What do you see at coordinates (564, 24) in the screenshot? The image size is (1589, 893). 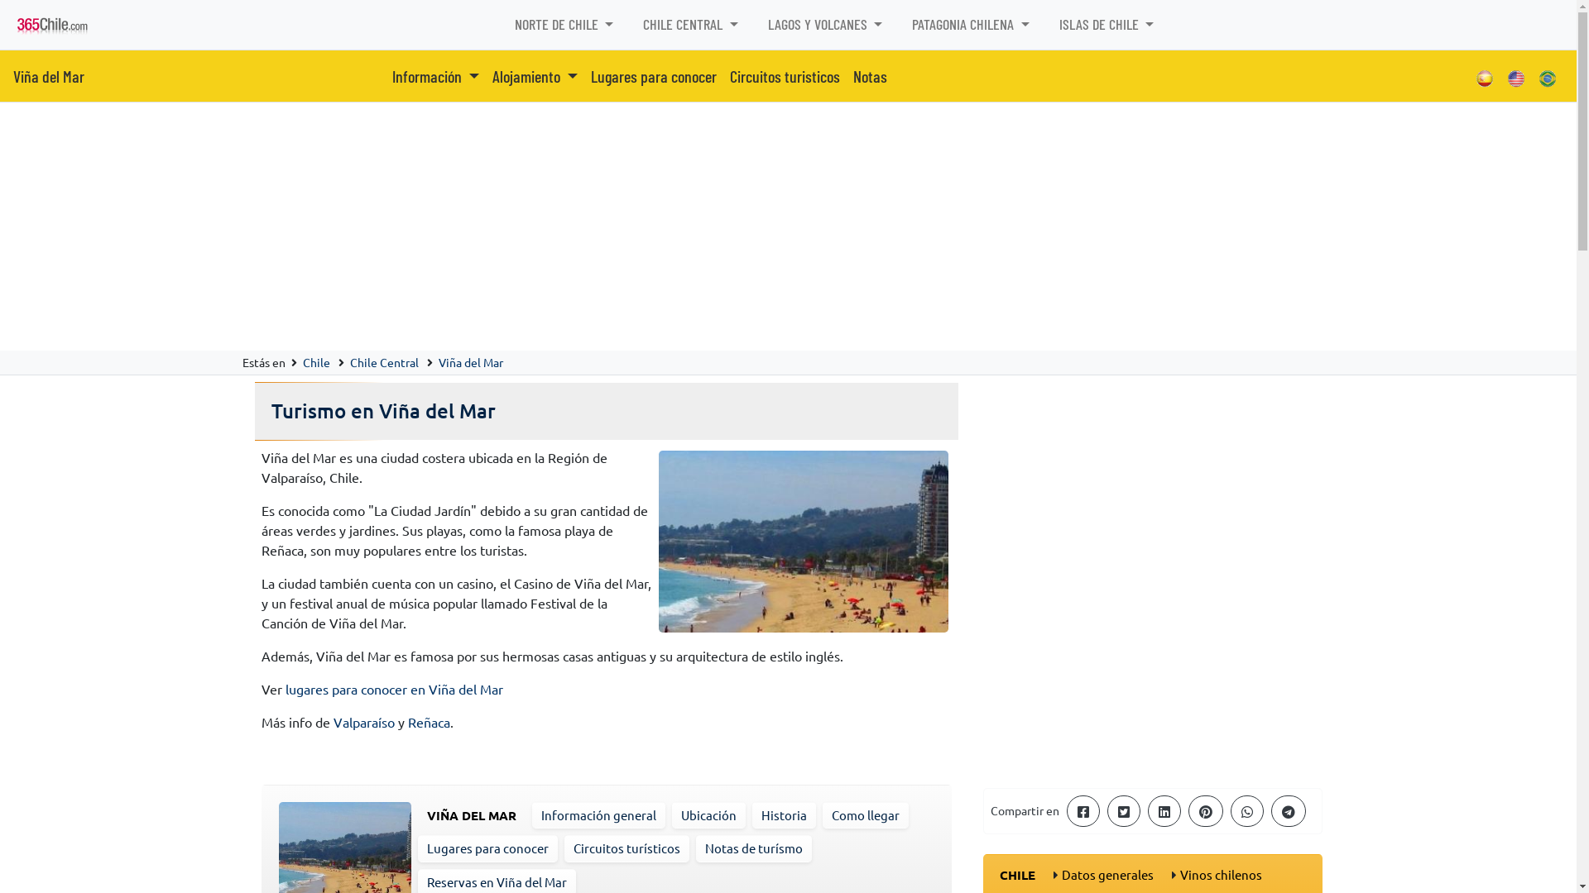 I see `'NORTE DE CHILE'` at bounding box center [564, 24].